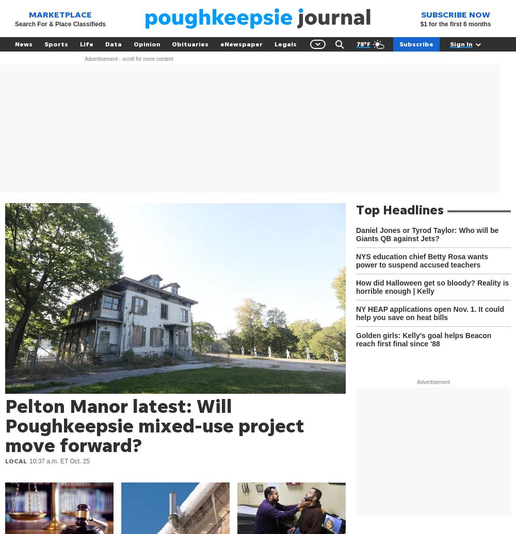 The height and width of the screenshot is (534, 516). Describe the element at coordinates (155, 425) in the screenshot. I see `'Pelton Manor latest: Will Poughkeepsie mixed-use project move forward?'` at that location.